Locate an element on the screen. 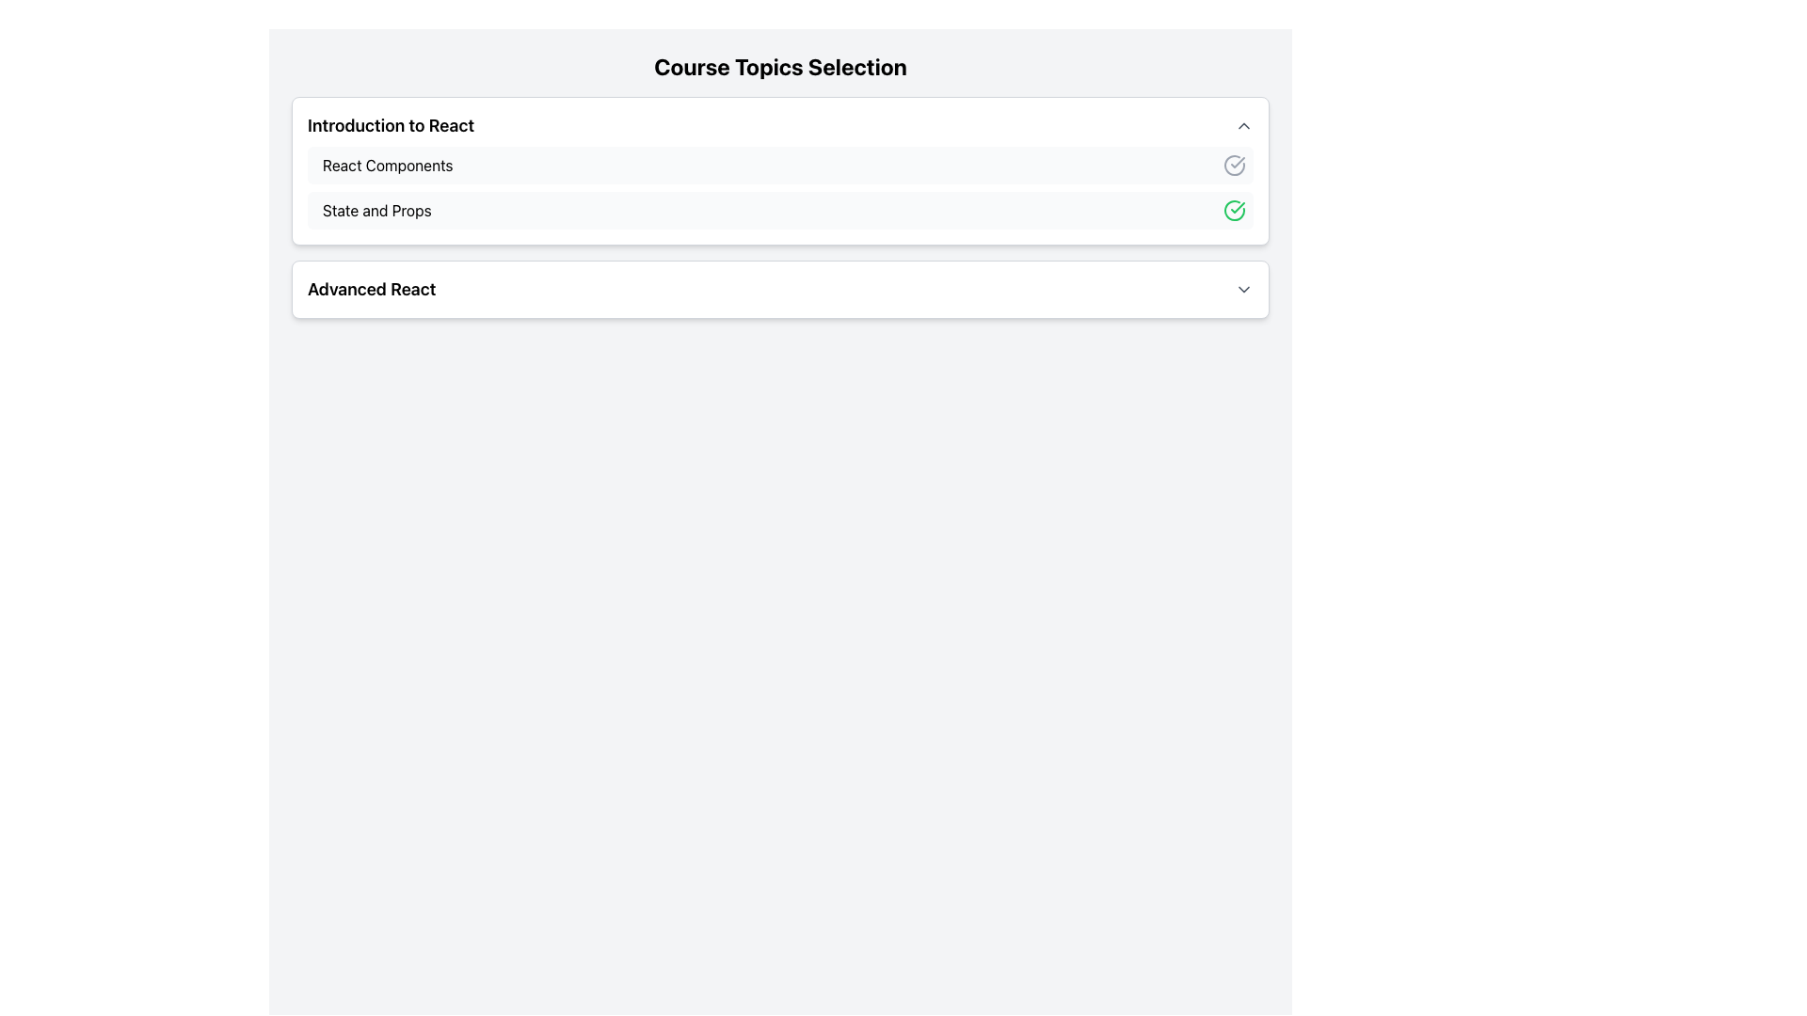 Image resolution: width=1807 pixels, height=1016 pixels. the Chevron icon located at the top-right corner of the 'Introduction to React' section is located at coordinates (1243, 126).